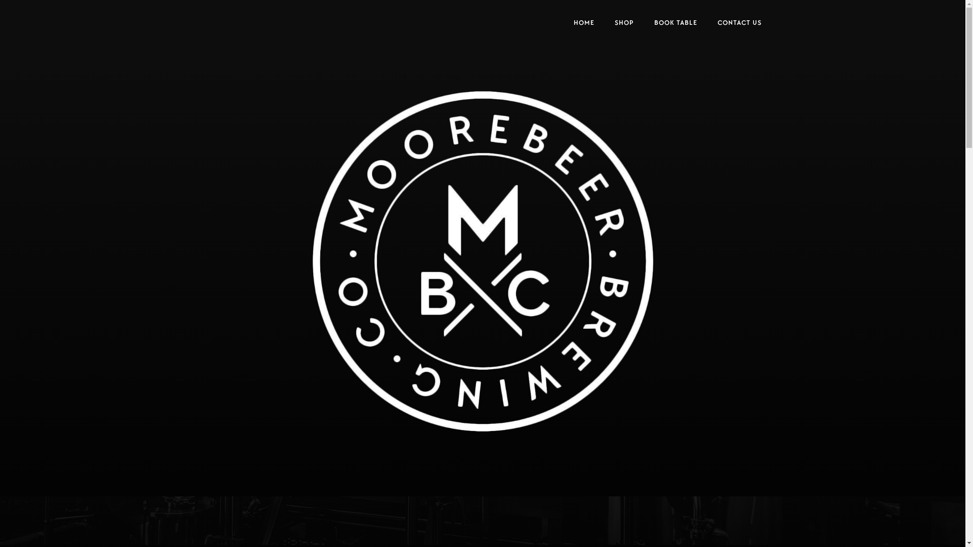 This screenshot has height=547, width=973. I want to click on 'BOOK TABLE', so click(675, 23).